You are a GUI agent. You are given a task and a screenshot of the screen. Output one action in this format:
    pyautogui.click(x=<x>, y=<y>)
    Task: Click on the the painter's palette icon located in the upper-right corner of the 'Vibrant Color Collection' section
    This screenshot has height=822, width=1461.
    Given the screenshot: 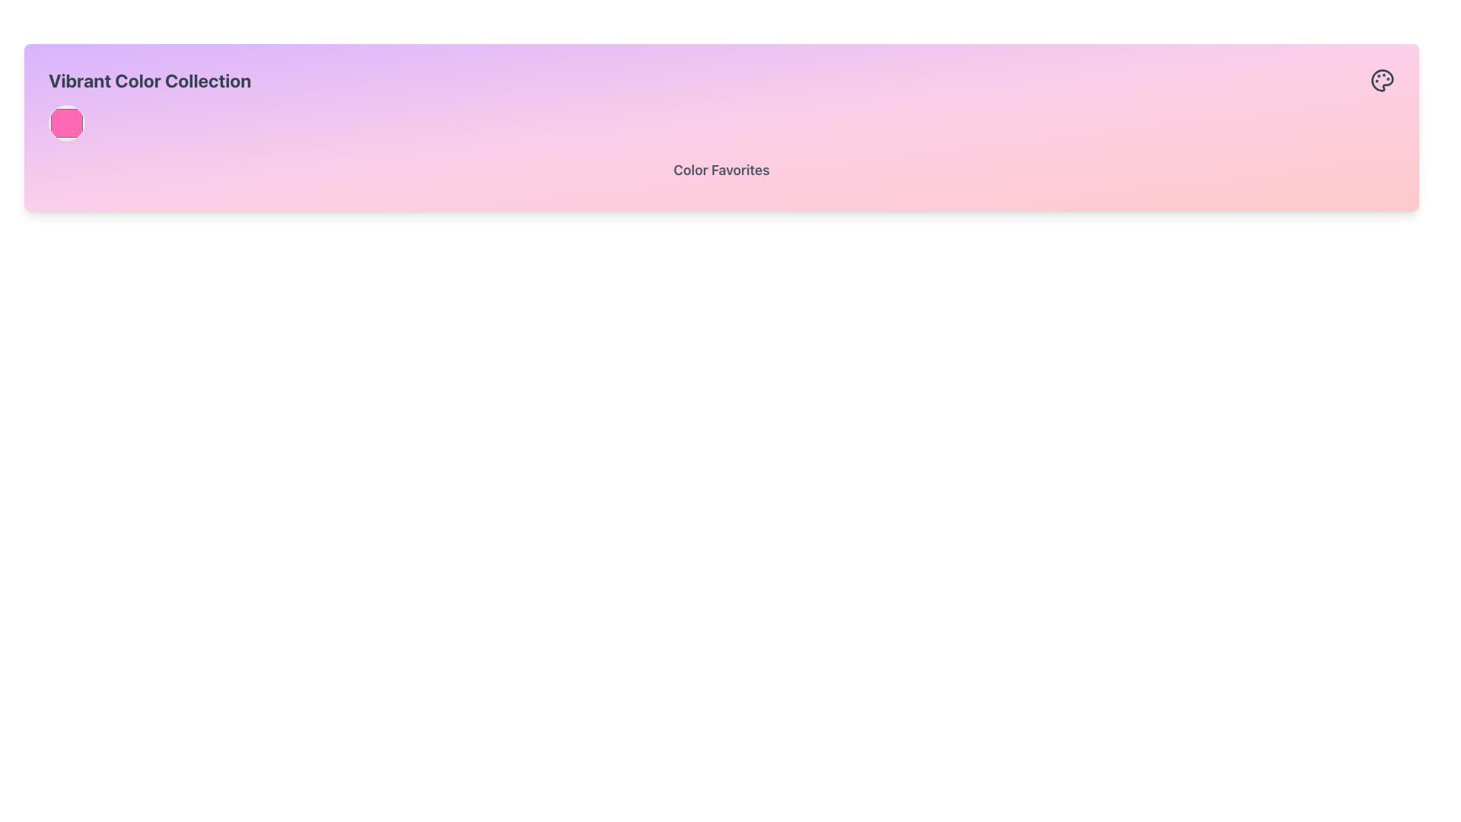 What is the action you would take?
    pyautogui.click(x=1383, y=80)
    